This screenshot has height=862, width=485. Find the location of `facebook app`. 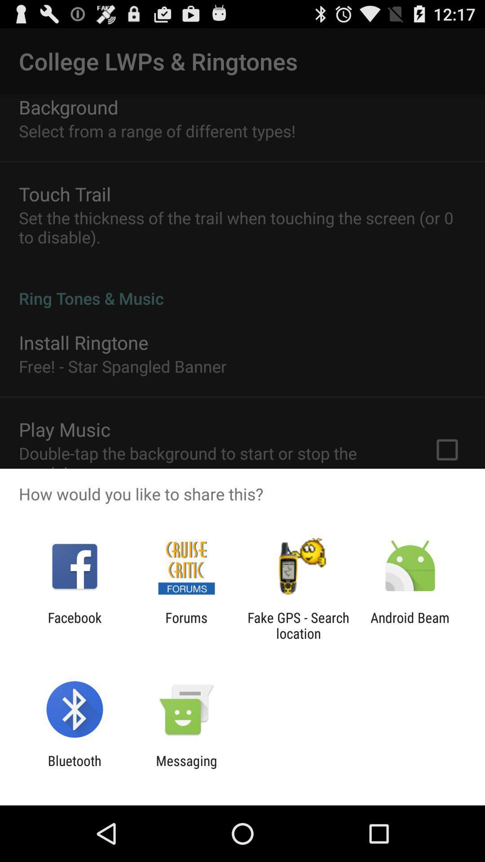

facebook app is located at coordinates (74, 625).